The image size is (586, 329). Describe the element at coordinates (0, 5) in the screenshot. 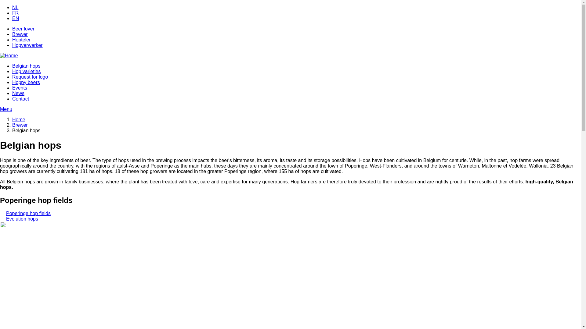

I see `'Skip to main content'` at that location.